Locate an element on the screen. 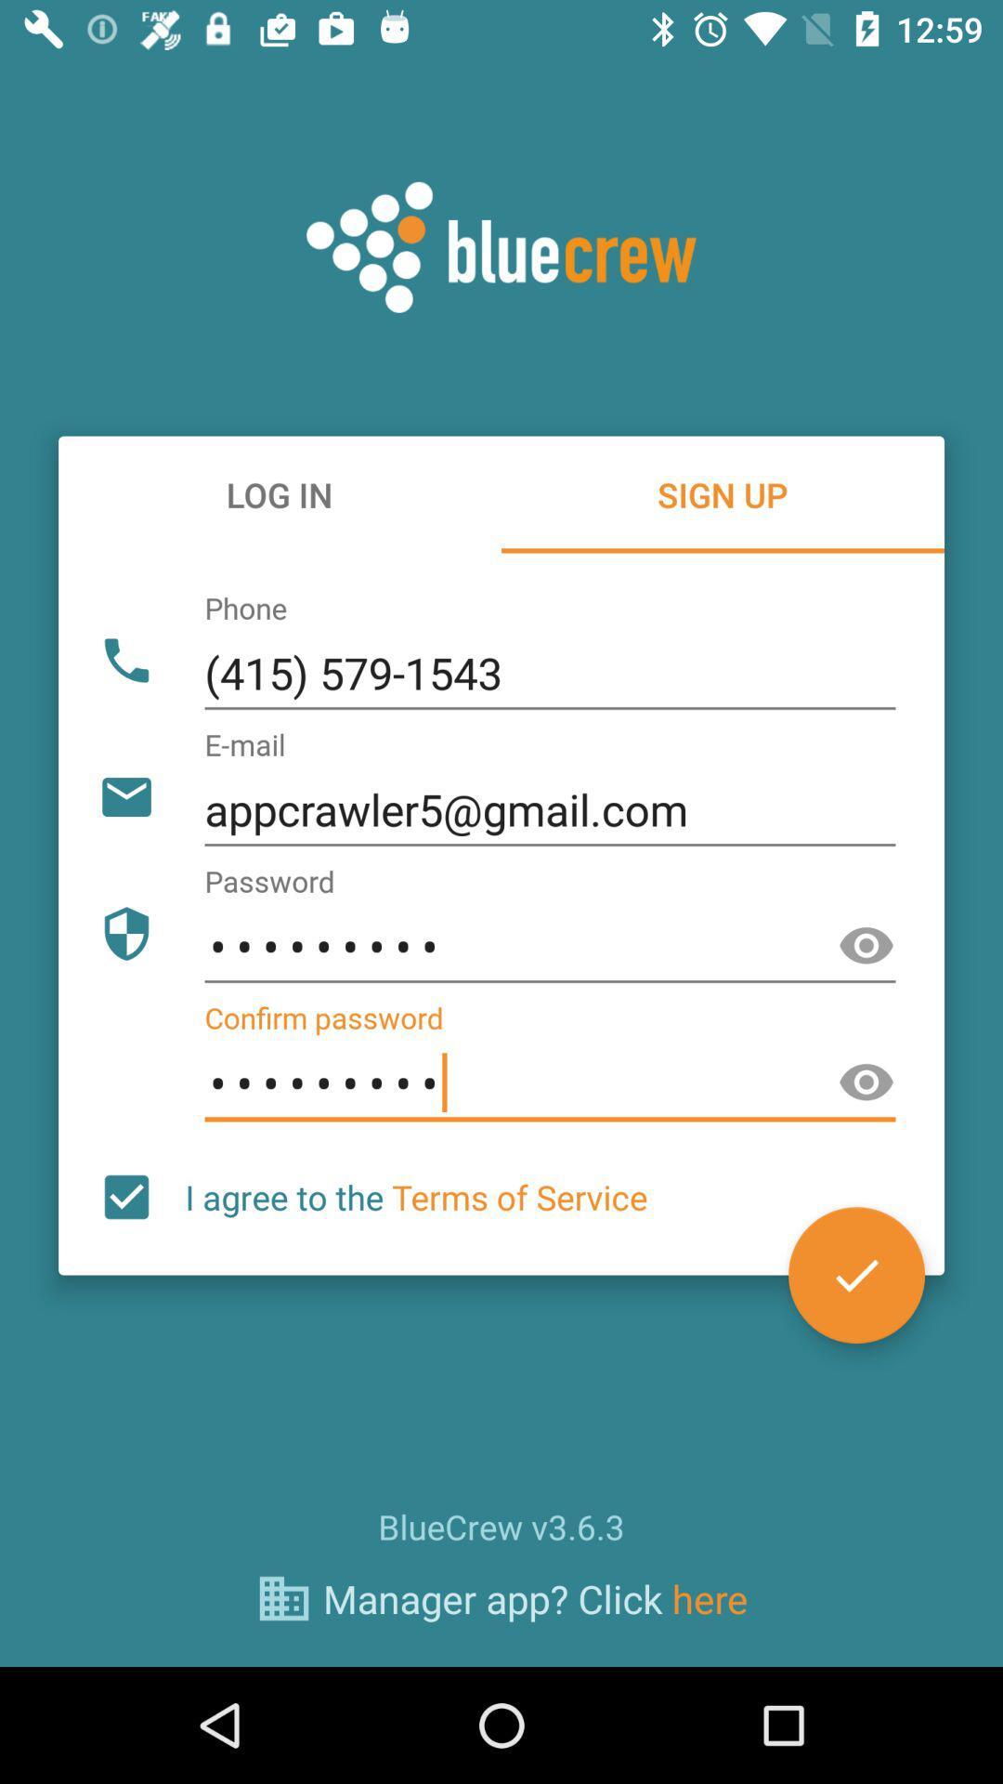 The image size is (1003, 1784). the item above the bluecrew v3 6 is located at coordinates (856, 1274).